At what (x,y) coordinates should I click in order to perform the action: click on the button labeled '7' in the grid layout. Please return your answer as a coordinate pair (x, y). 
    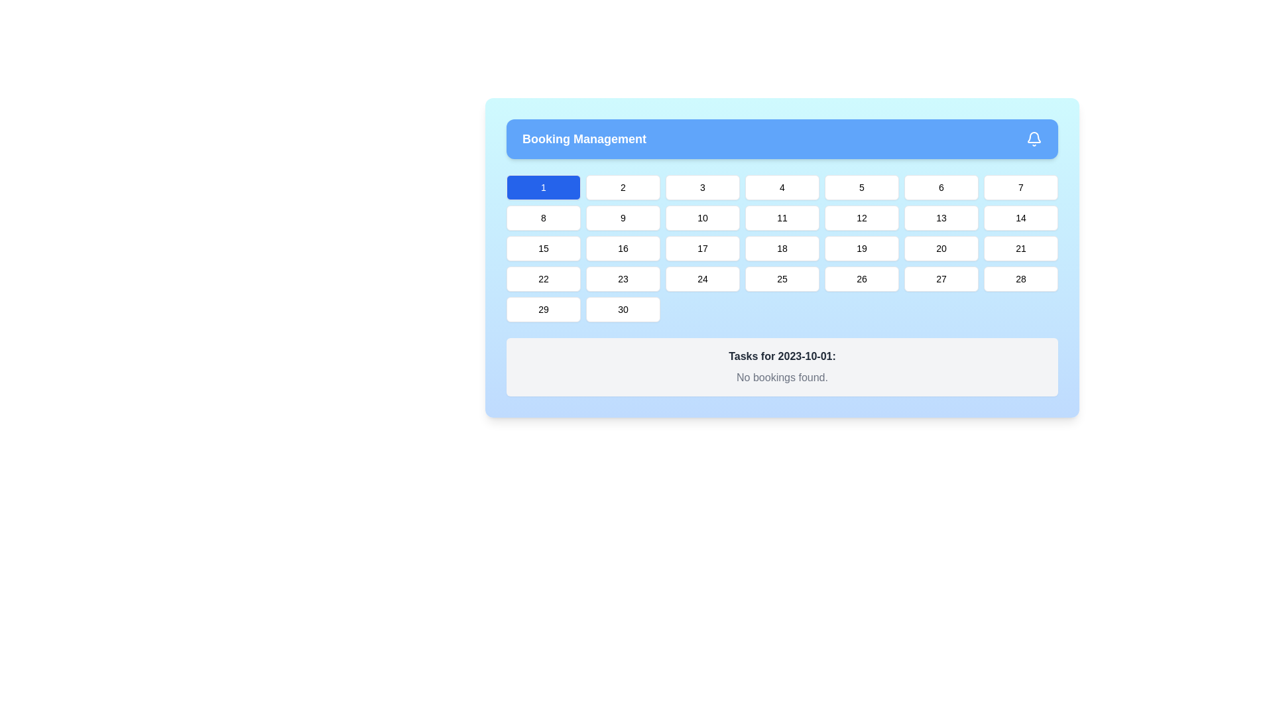
    Looking at the image, I should click on (1020, 187).